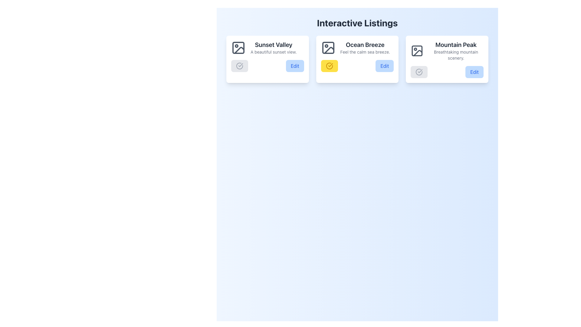  What do you see at coordinates (456, 44) in the screenshot?
I see `the text label displaying 'Mountain Peak', which is in a bold, serif-like font and located in the top-right corner of the card` at bounding box center [456, 44].